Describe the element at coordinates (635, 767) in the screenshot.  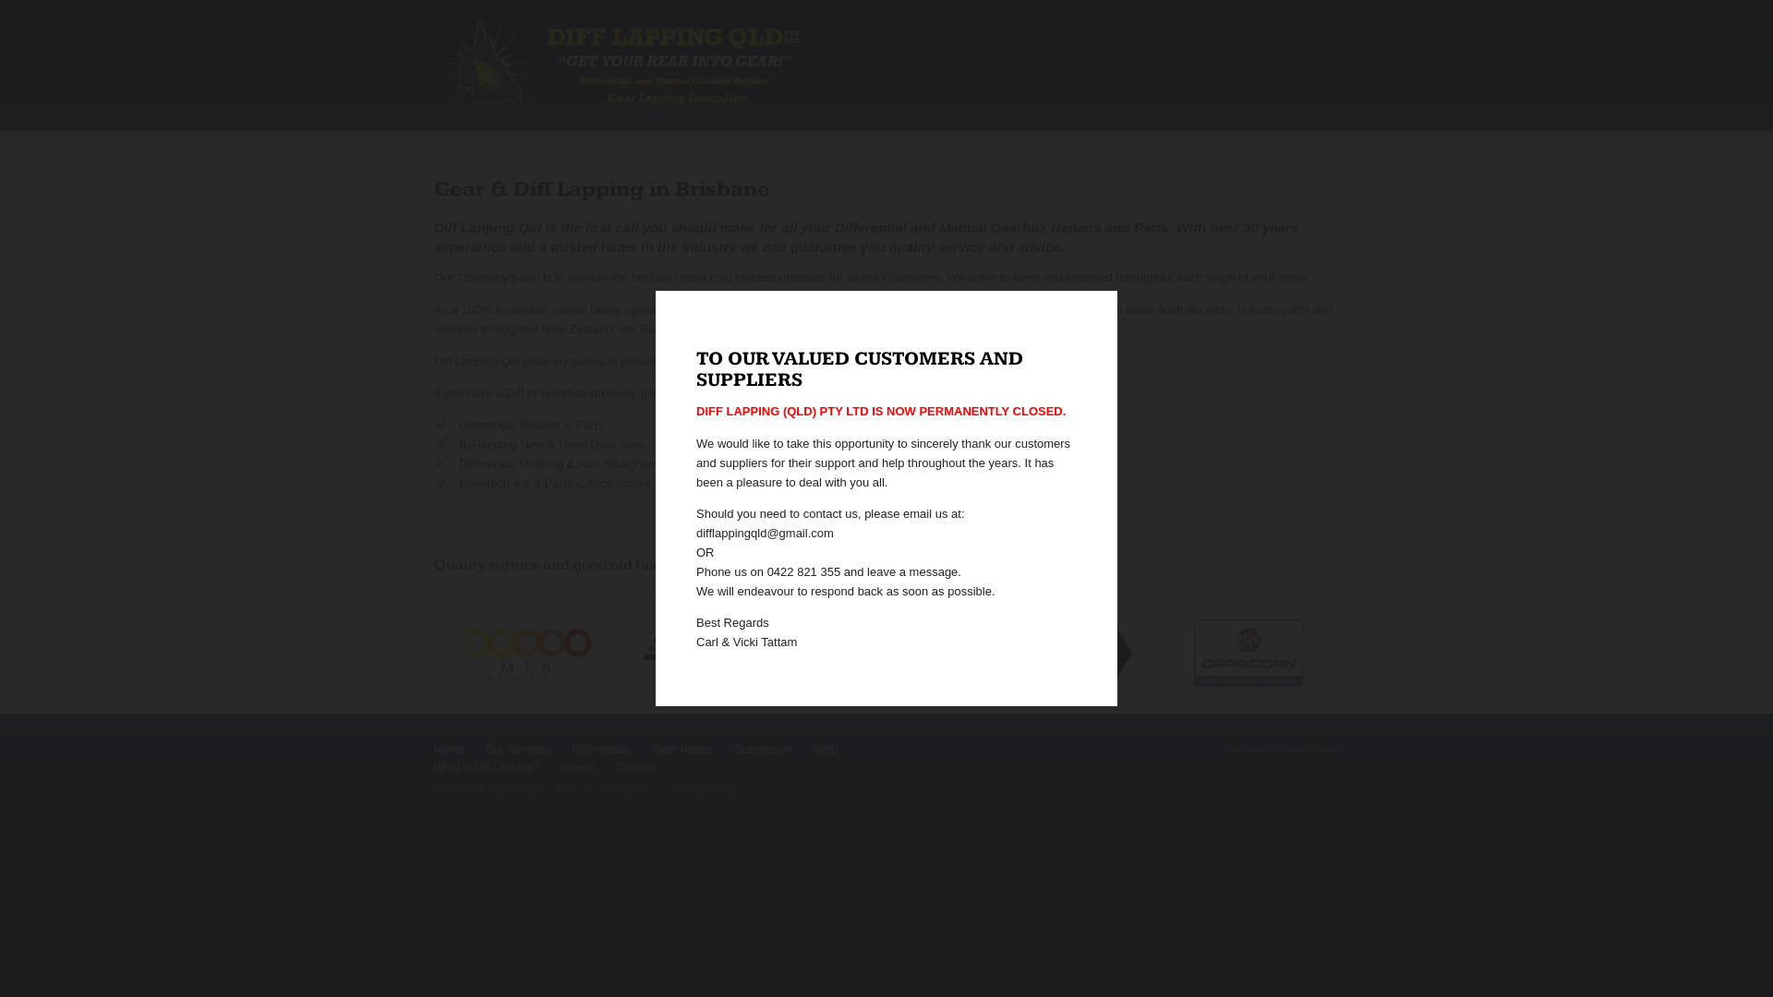
I see `'Contact'` at that location.